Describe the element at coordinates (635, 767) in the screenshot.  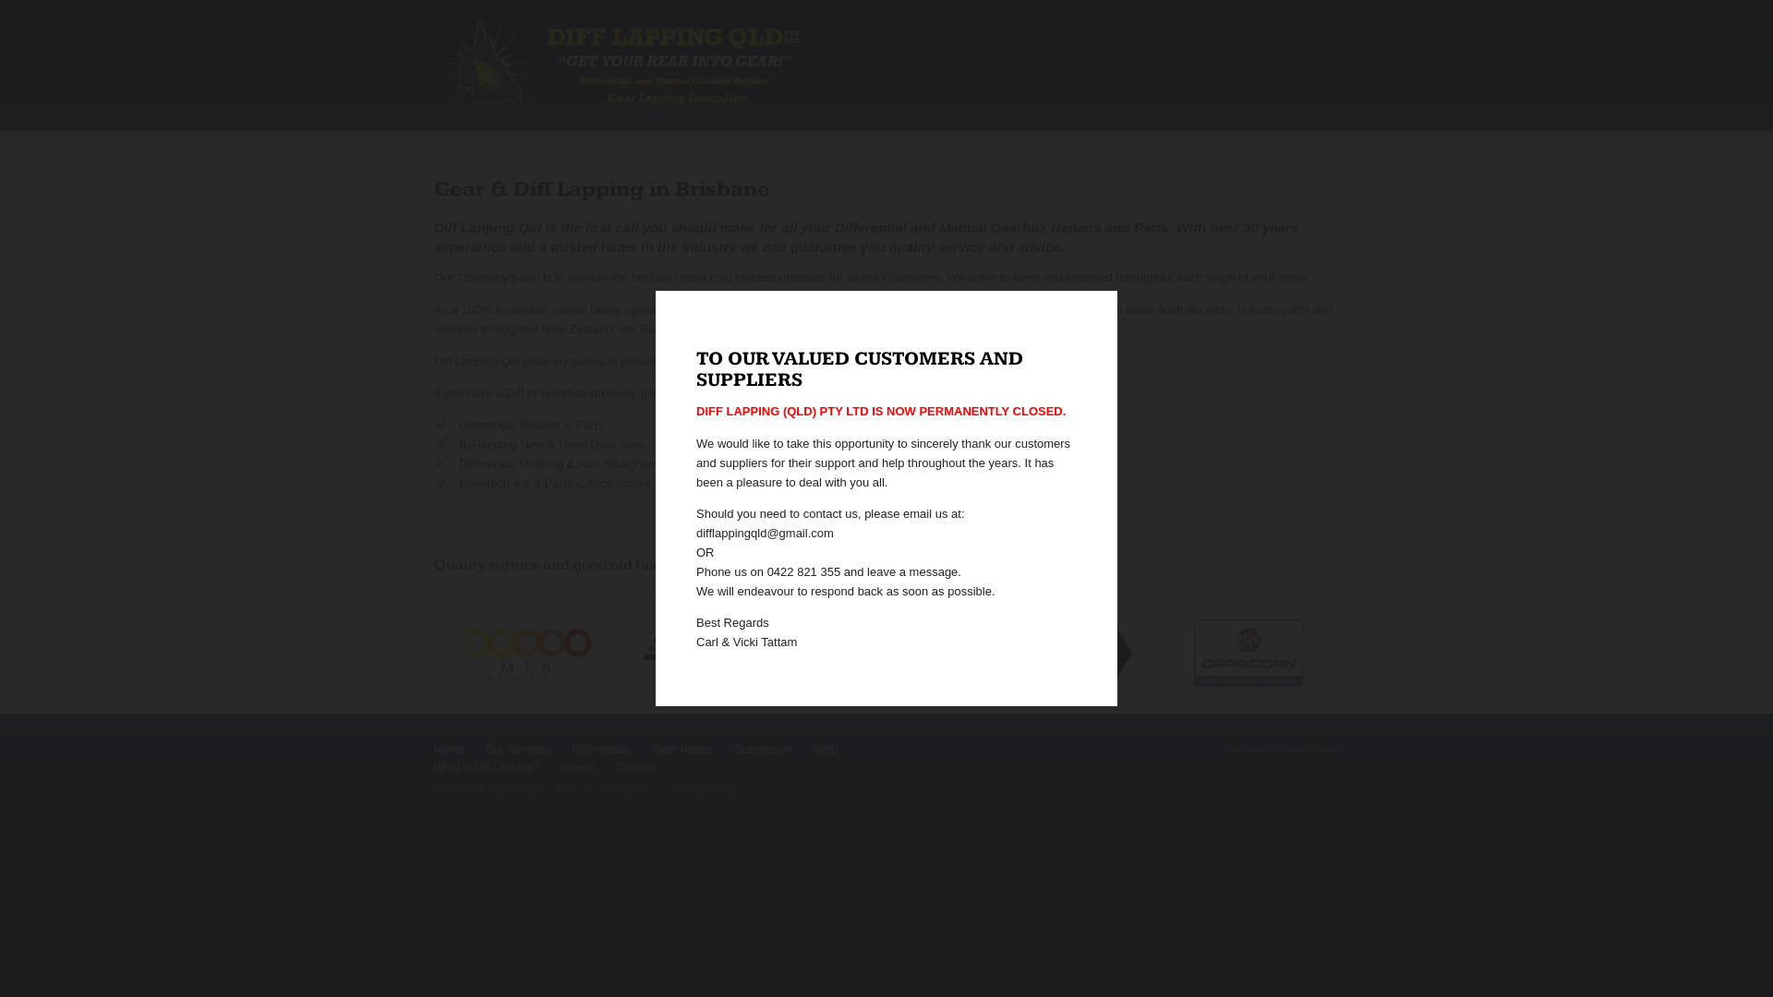
I see `'Contact'` at that location.